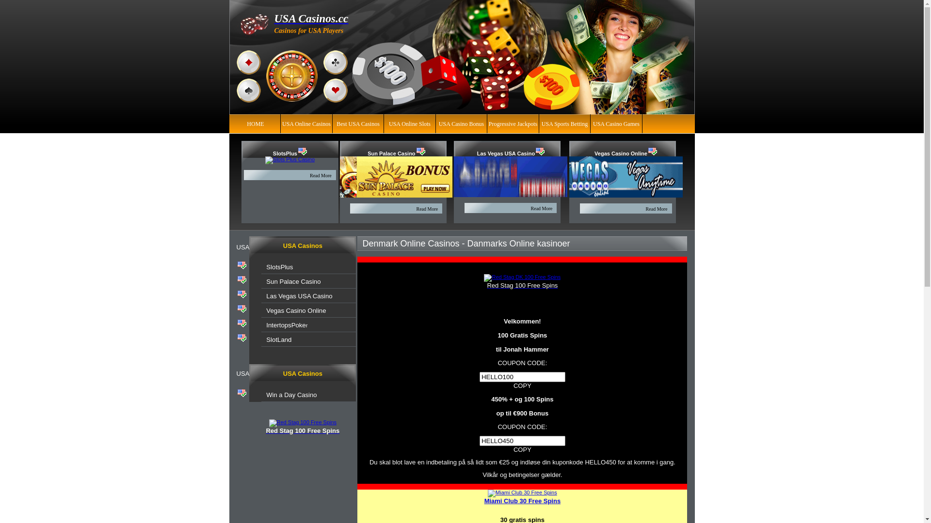  What do you see at coordinates (427, 208) in the screenshot?
I see `'Read More'` at bounding box center [427, 208].